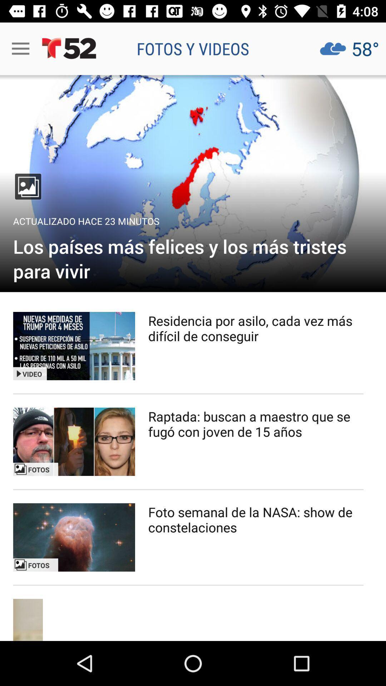 The height and width of the screenshot is (686, 386). Describe the element at coordinates (193, 48) in the screenshot. I see `fotos y videos` at that location.